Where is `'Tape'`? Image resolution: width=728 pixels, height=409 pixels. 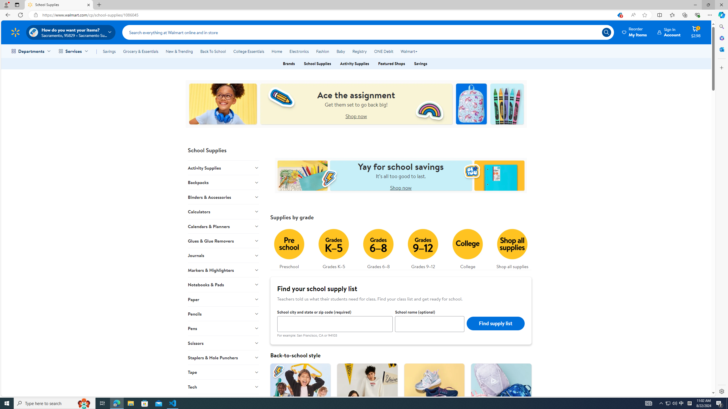
'Tape' is located at coordinates (223, 372).